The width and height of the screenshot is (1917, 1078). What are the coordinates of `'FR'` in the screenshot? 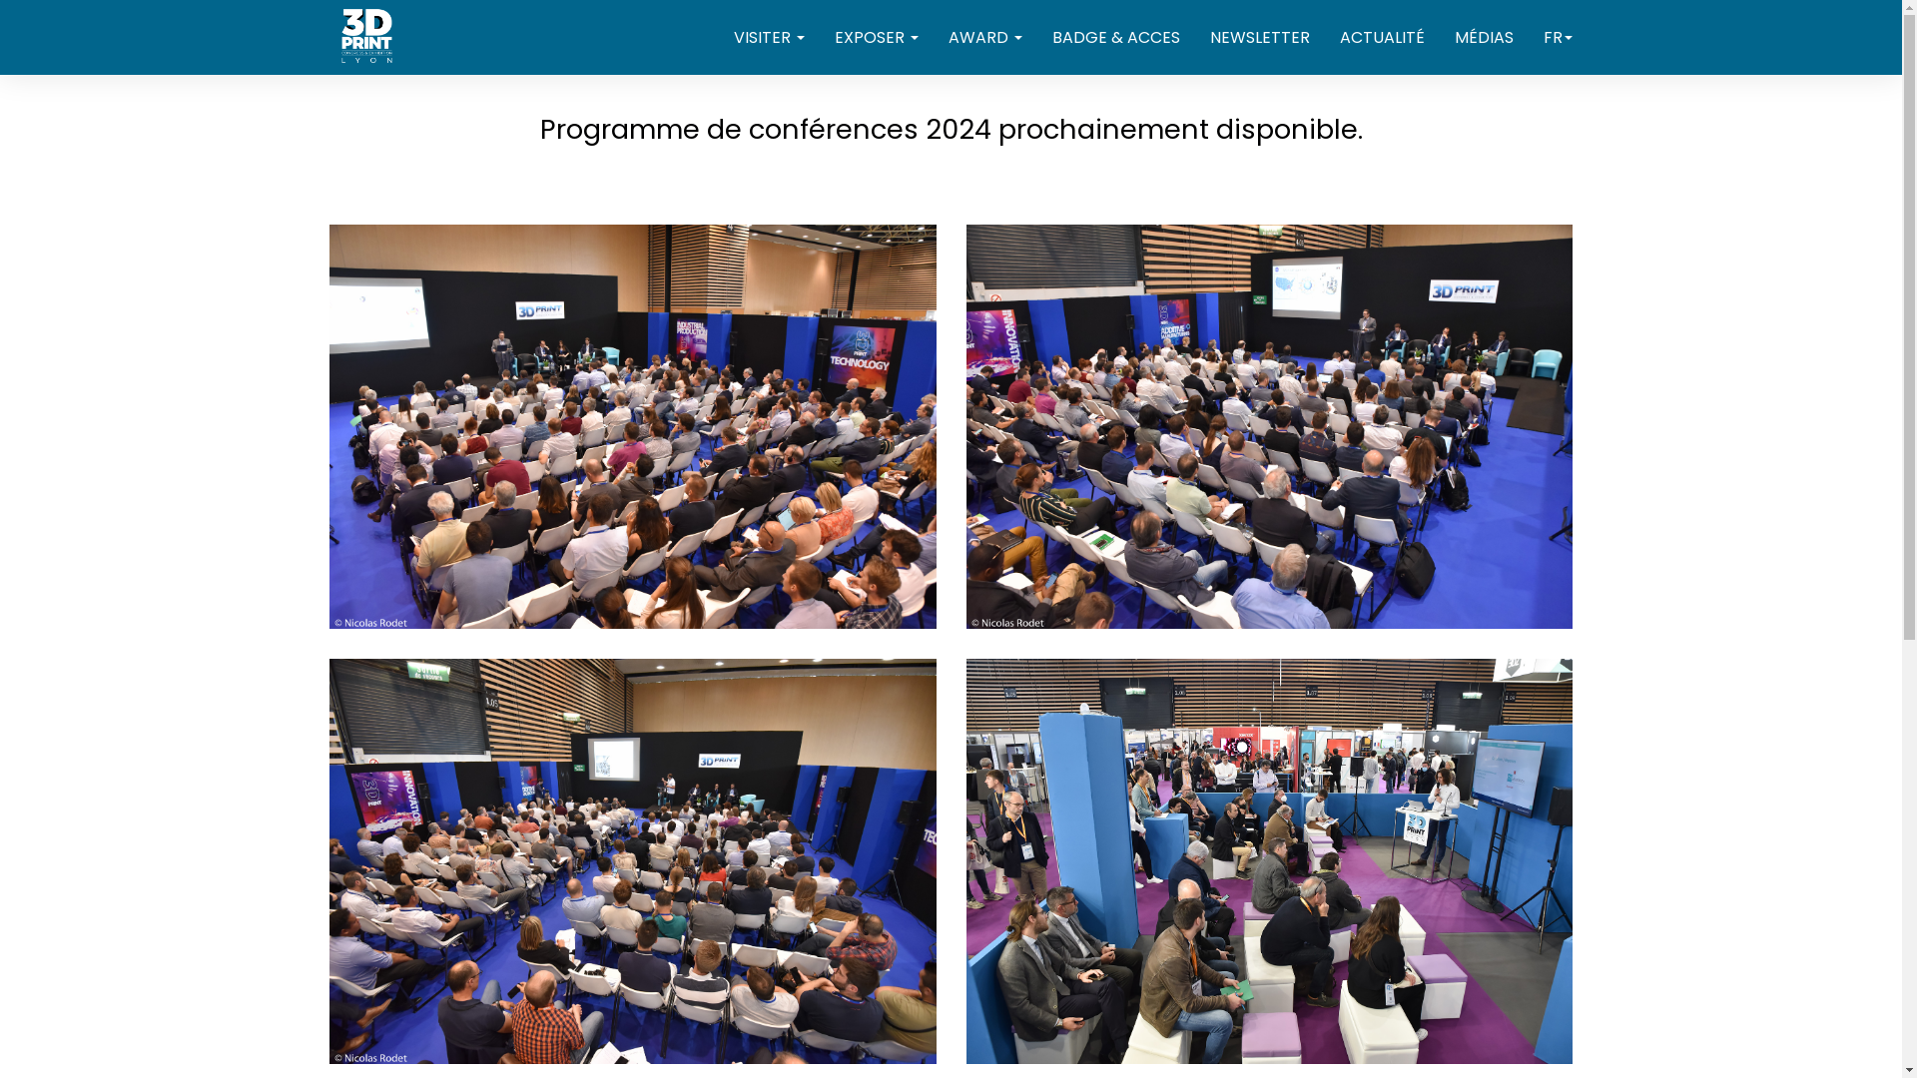 It's located at (1557, 38).